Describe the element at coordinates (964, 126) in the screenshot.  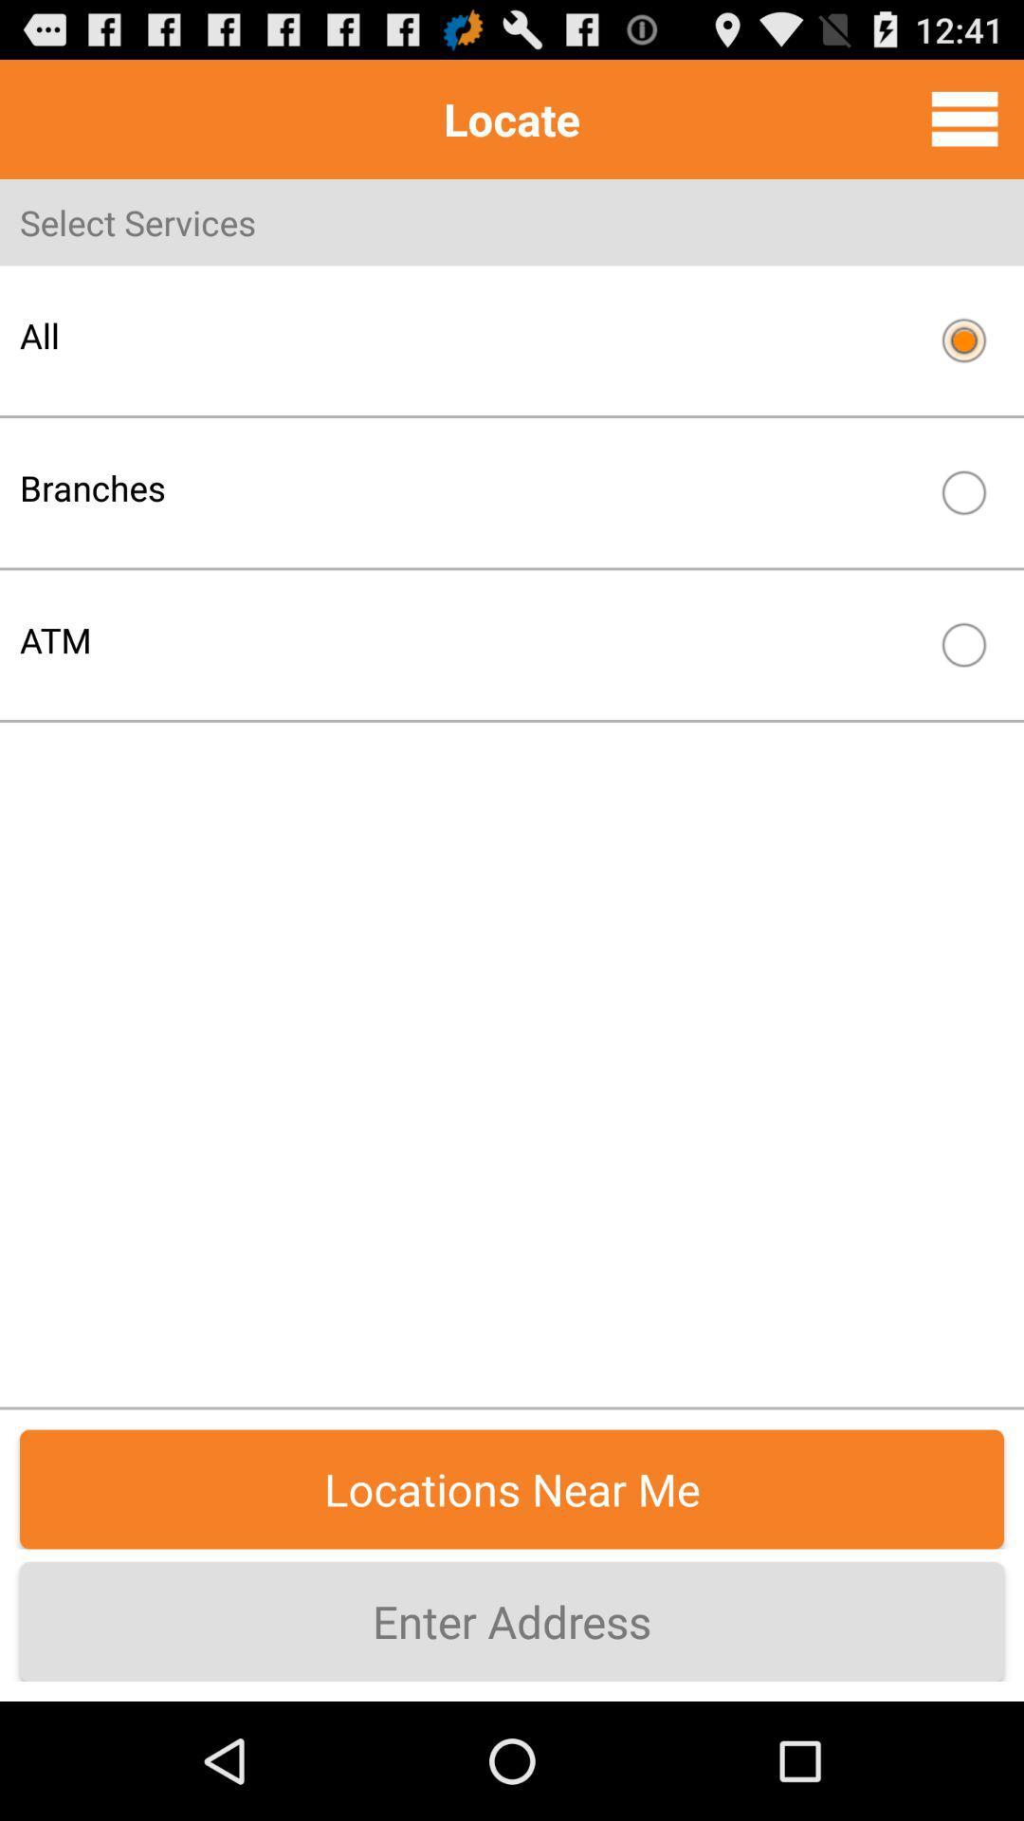
I see `the menu icon` at that location.